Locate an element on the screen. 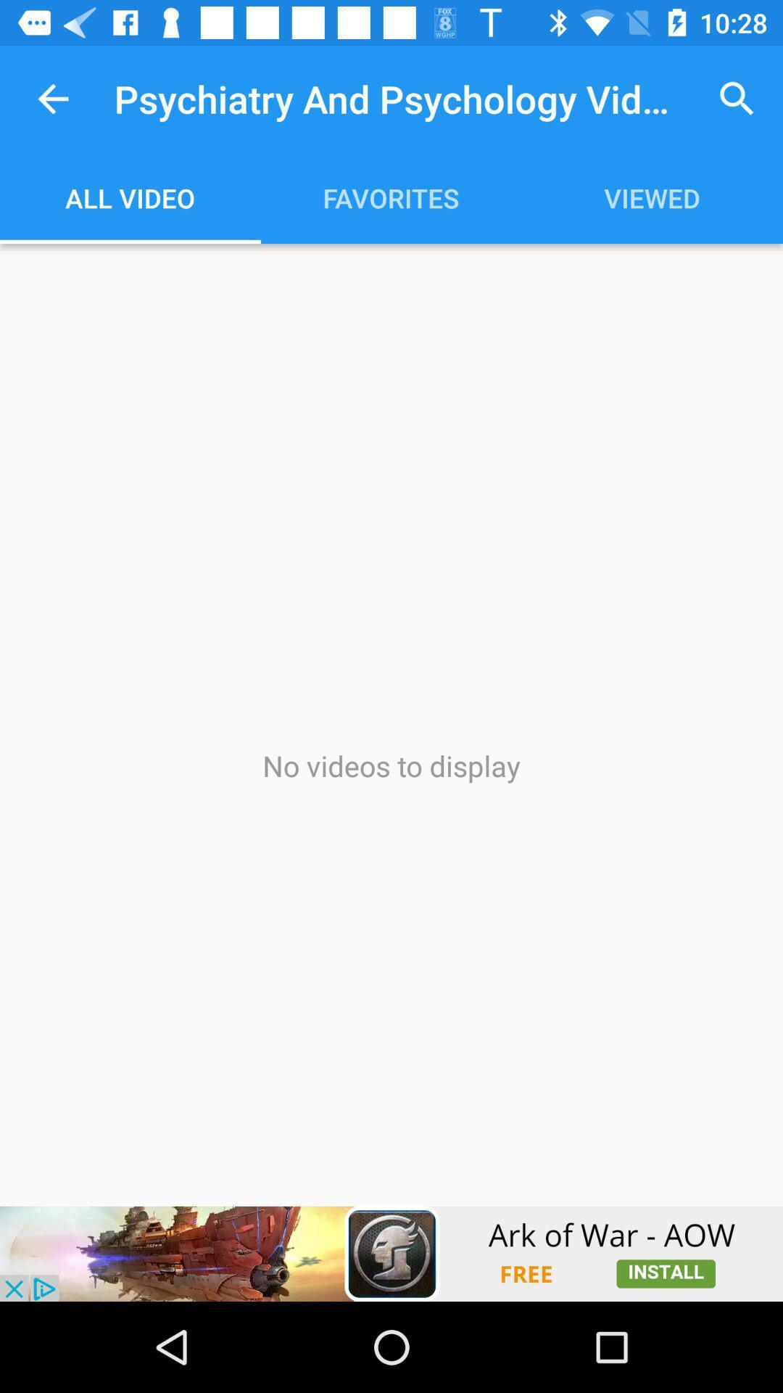 The height and width of the screenshot is (1393, 783). advertisement image is located at coordinates (391, 1253).